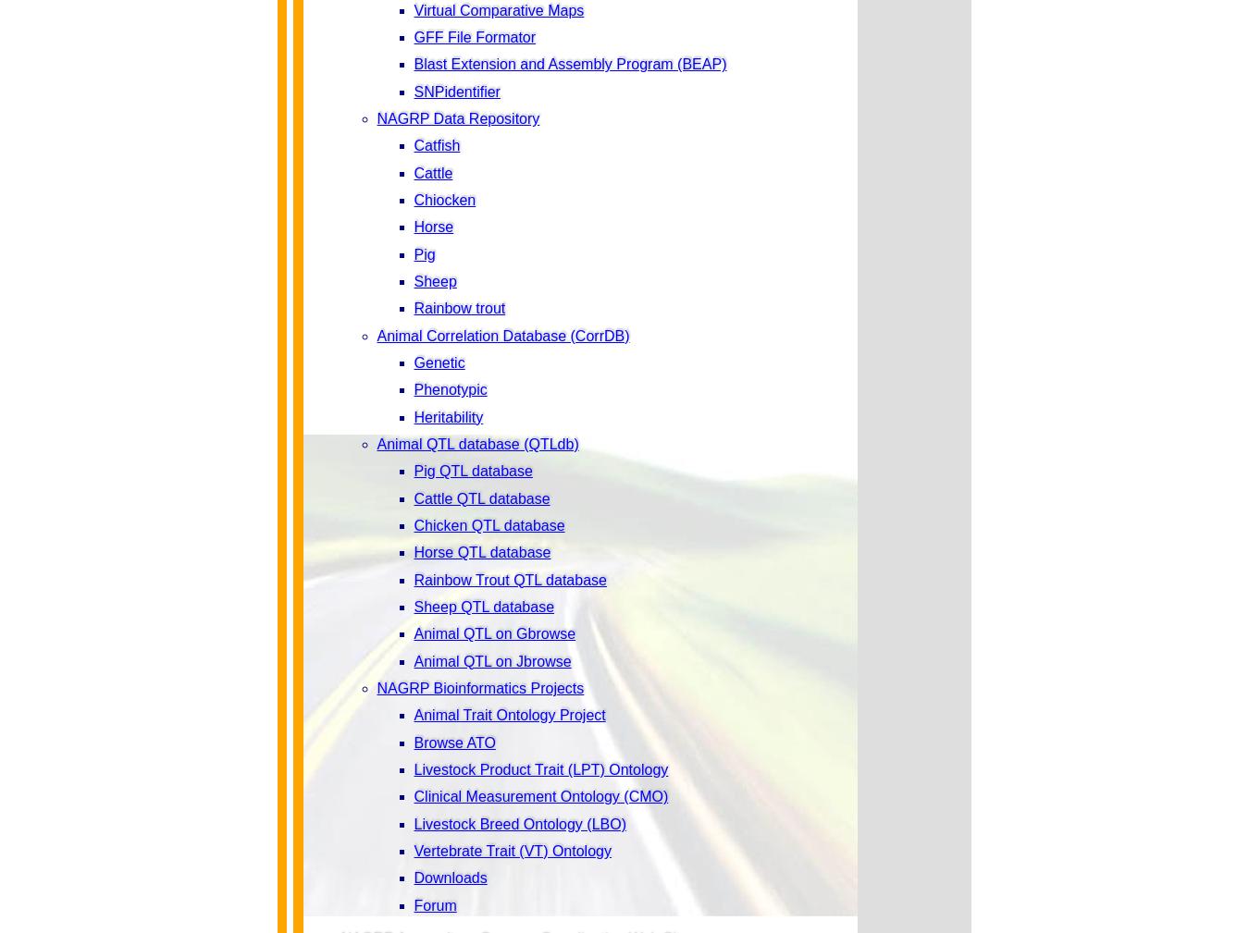 This screenshot has height=933, width=1249. What do you see at coordinates (423, 252) in the screenshot?
I see `'Pig'` at bounding box center [423, 252].